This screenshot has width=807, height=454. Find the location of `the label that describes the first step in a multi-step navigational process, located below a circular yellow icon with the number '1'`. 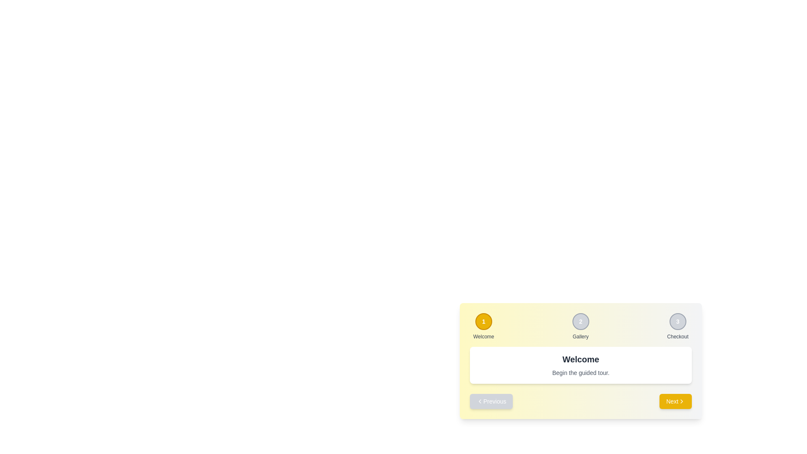

the label that describes the first step in a multi-step navigational process, located below a circular yellow icon with the number '1' is located at coordinates (483, 336).